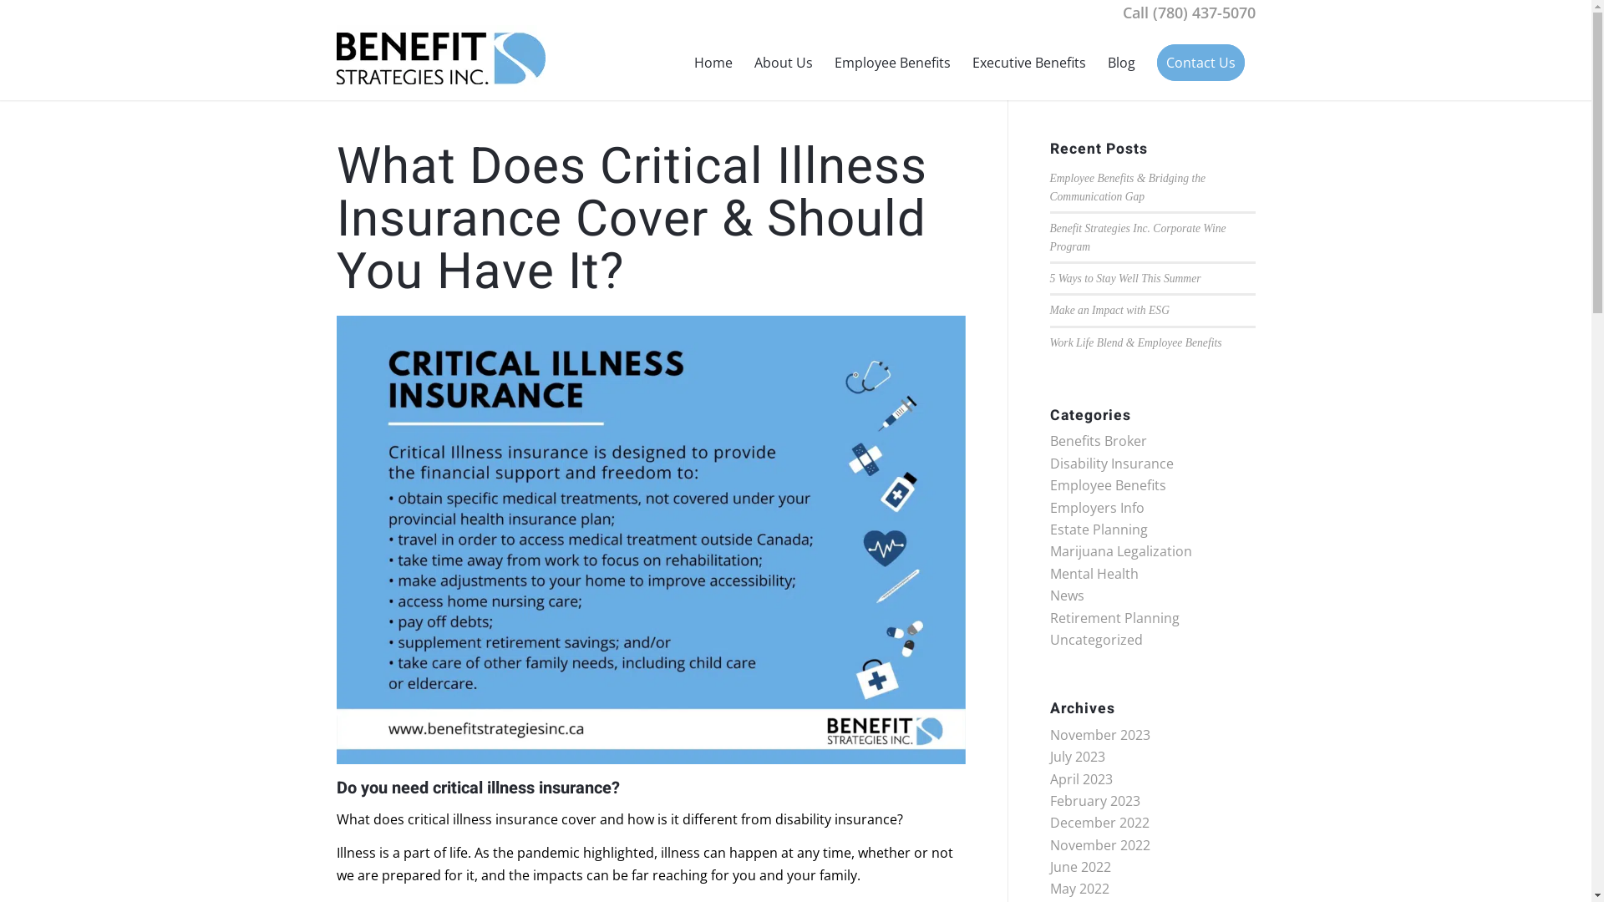 This screenshot has width=1604, height=902. Describe the element at coordinates (1094, 800) in the screenshot. I see `'February 2023'` at that location.